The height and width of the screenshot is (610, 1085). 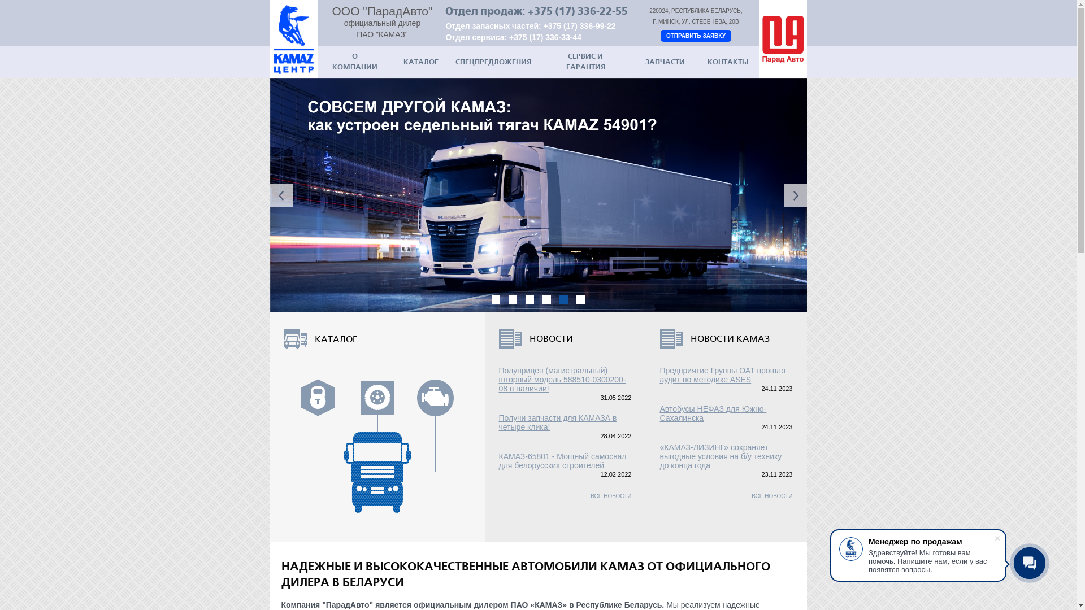 What do you see at coordinates (580, 25) in the screenshot?
I see `'+375 (17) 336-99-22'` at bounding box center [580, 25].